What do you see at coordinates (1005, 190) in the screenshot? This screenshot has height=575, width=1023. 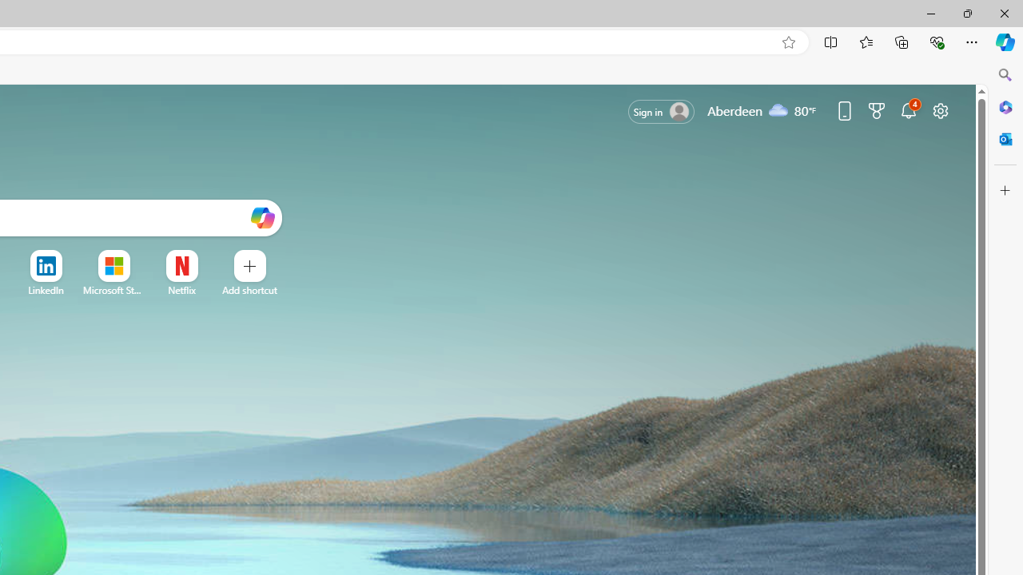 I see `'Customize'` at bounding box center [1005, 190].